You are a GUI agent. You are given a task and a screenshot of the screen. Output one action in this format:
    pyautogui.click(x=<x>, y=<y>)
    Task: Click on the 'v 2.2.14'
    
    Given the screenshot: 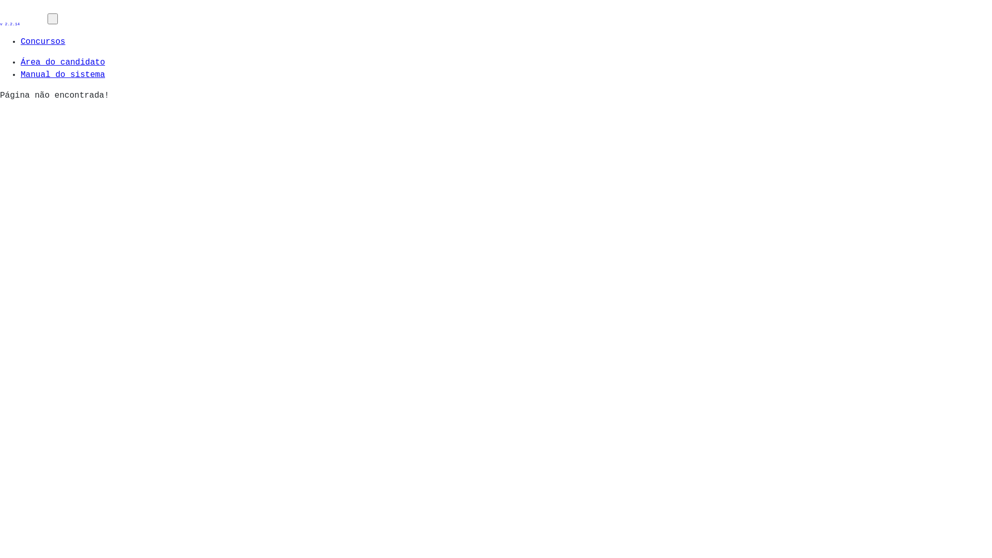 What is the action you would take?
    pyautogui.click(x=24, y=19)
    